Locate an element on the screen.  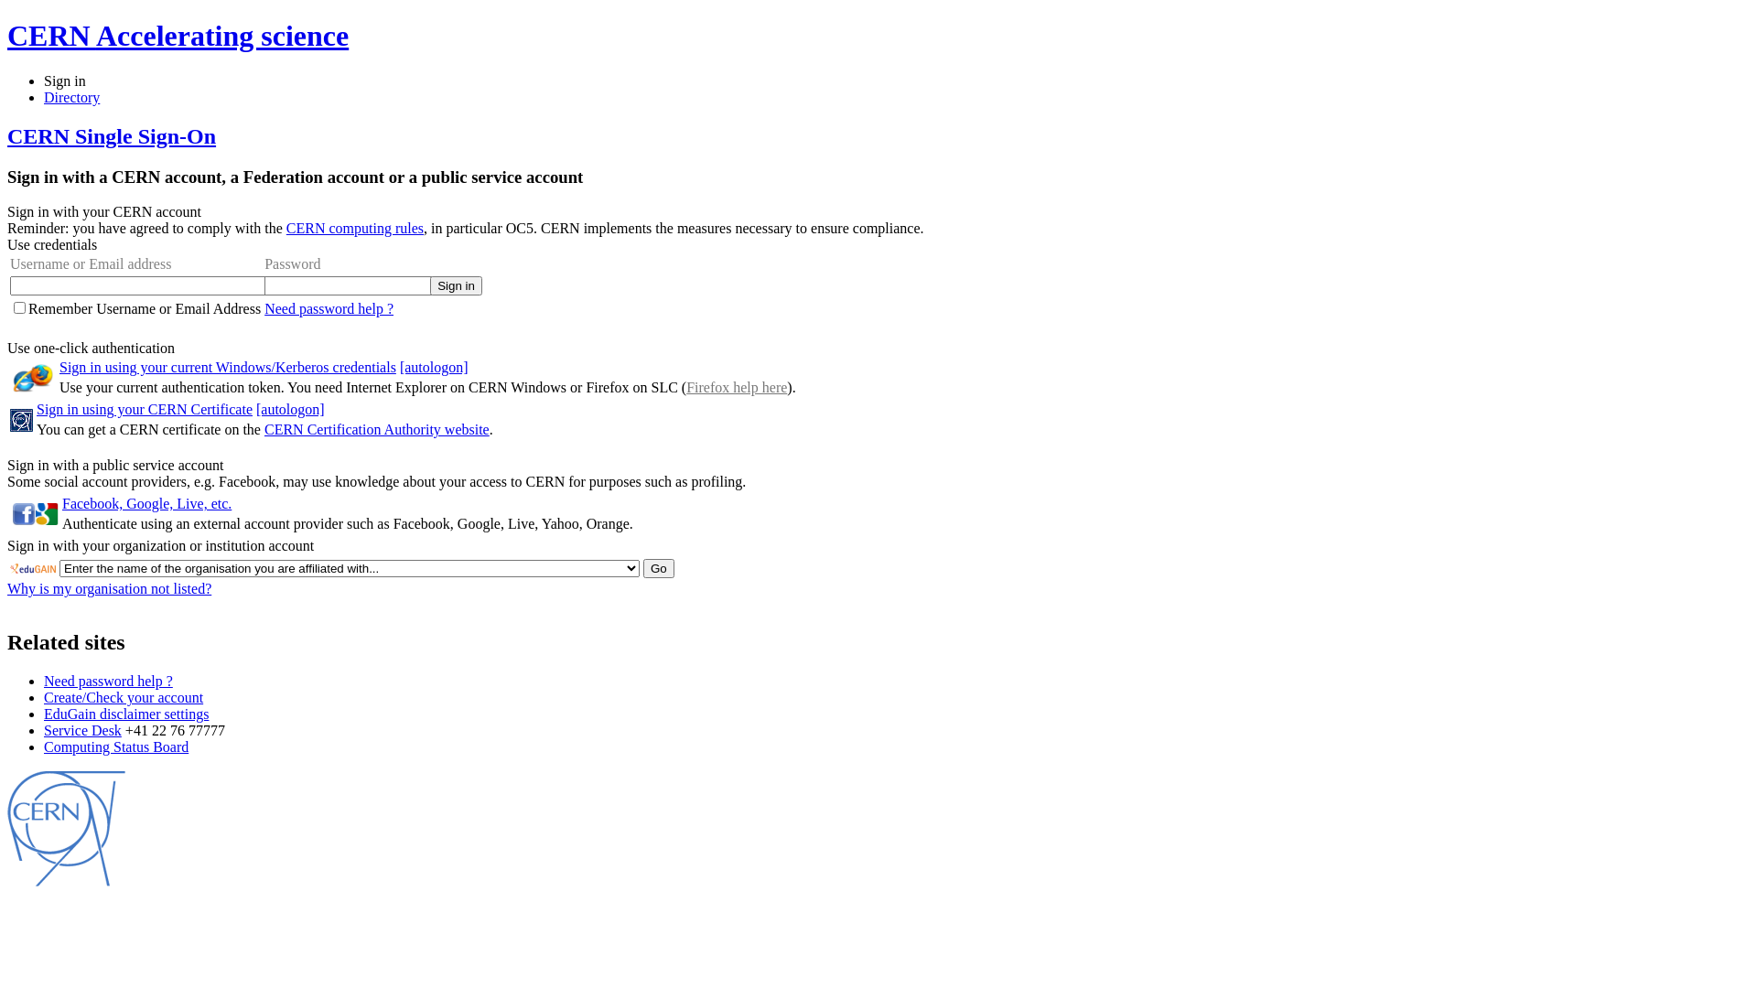
'CERN' is located at coordinates (66, 880).